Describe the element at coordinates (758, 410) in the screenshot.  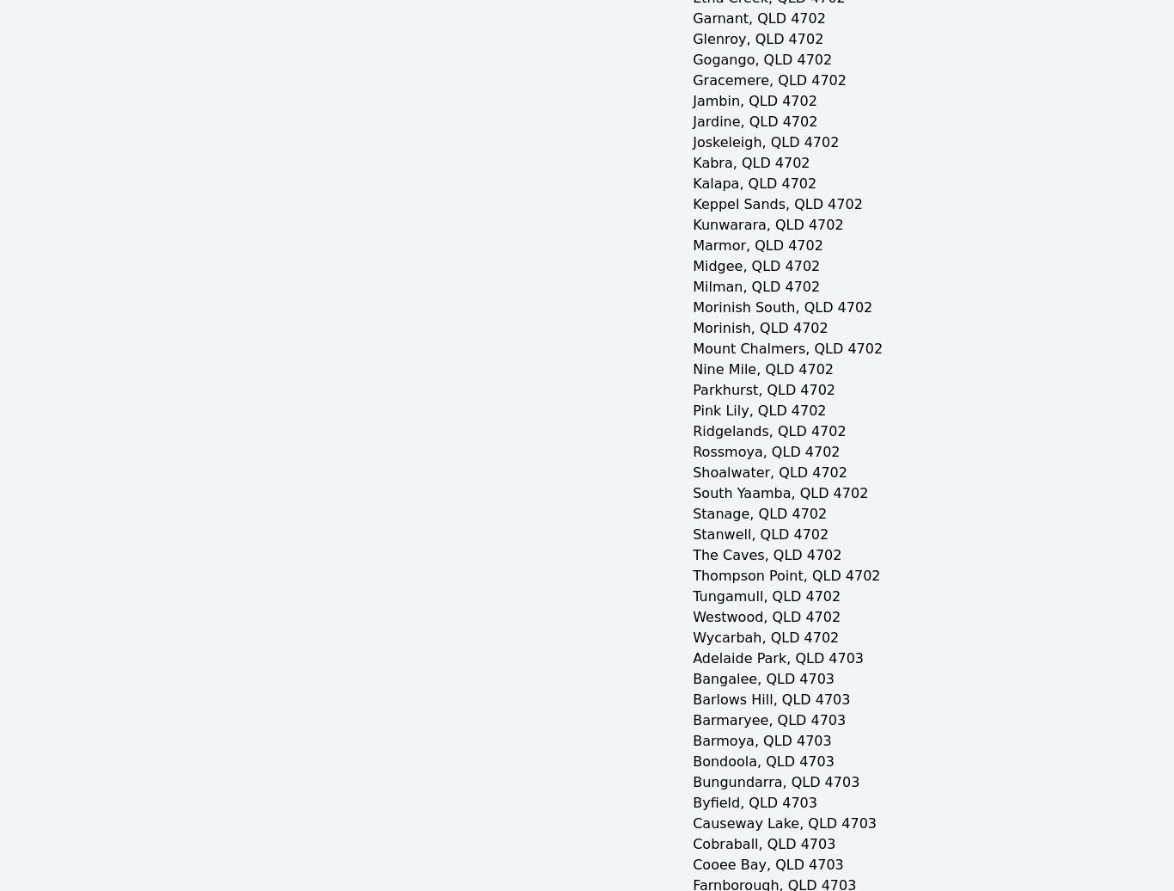
I see `'Pink Lily, QLD 4702'` at that location.